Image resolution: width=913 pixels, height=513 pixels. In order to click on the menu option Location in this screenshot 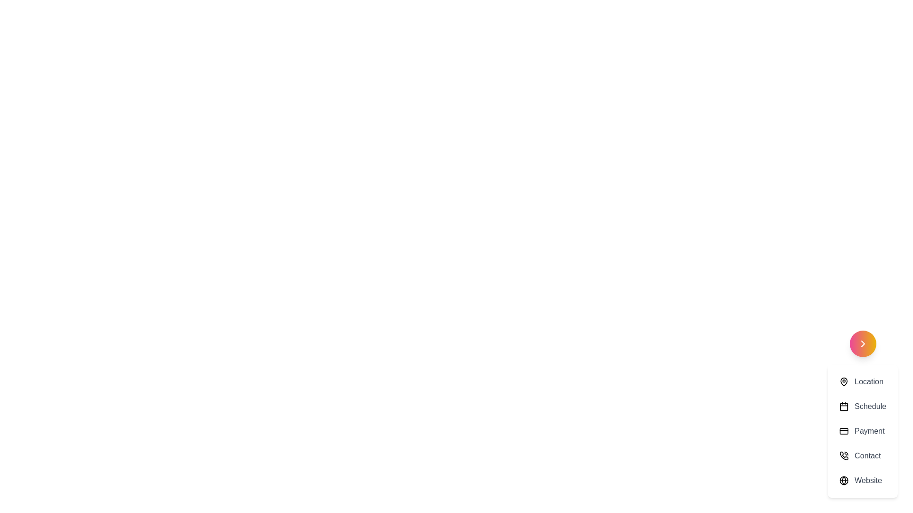, I will do `click(863, 381)`.